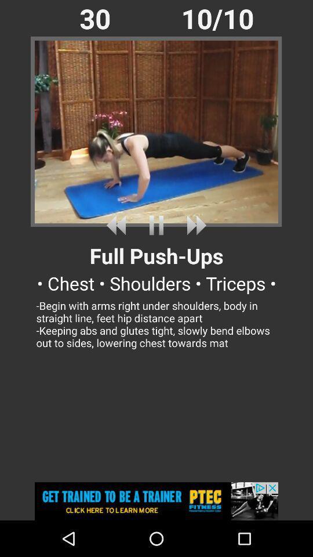  Describe the element at coordinates (156, 225) in the screenshot. I see `pause video` at that location.